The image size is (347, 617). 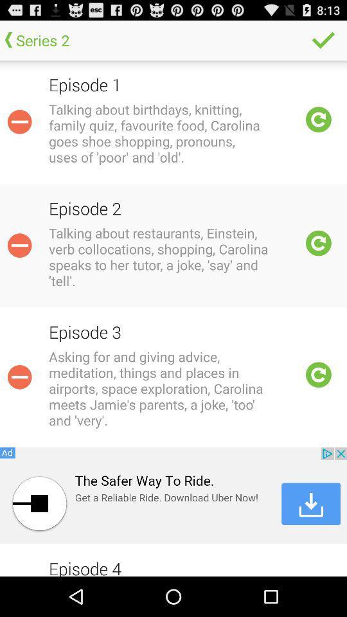 What do you see at coordinates (318, 242) in the screenshot?
I see `refresh` at bounding box center [318, 242].